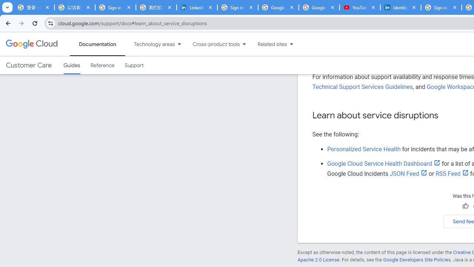 The image size is (474, 267). Describe the element at coordinates (102, 65) in the screenshot. I see `'Reference'` at that location.